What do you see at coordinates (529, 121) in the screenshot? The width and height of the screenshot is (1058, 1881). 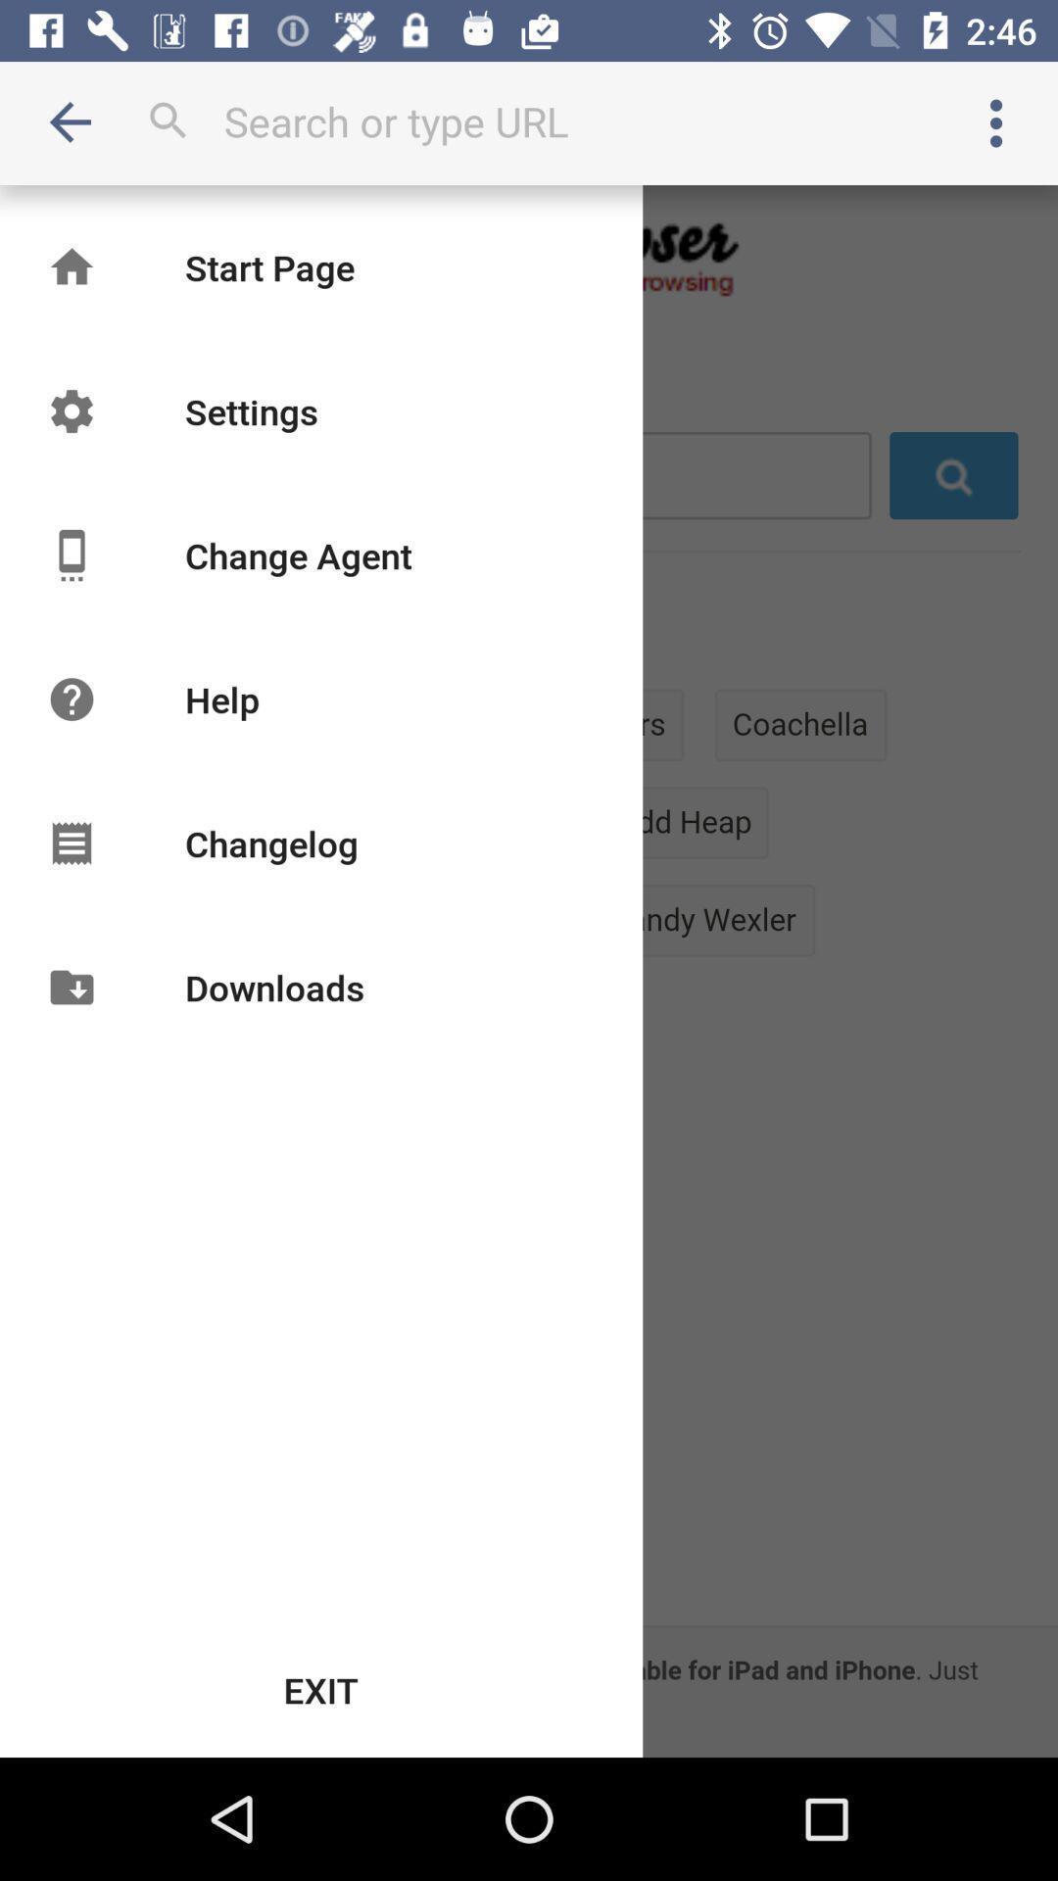 I see `search button` at bounding box center [529, 121].